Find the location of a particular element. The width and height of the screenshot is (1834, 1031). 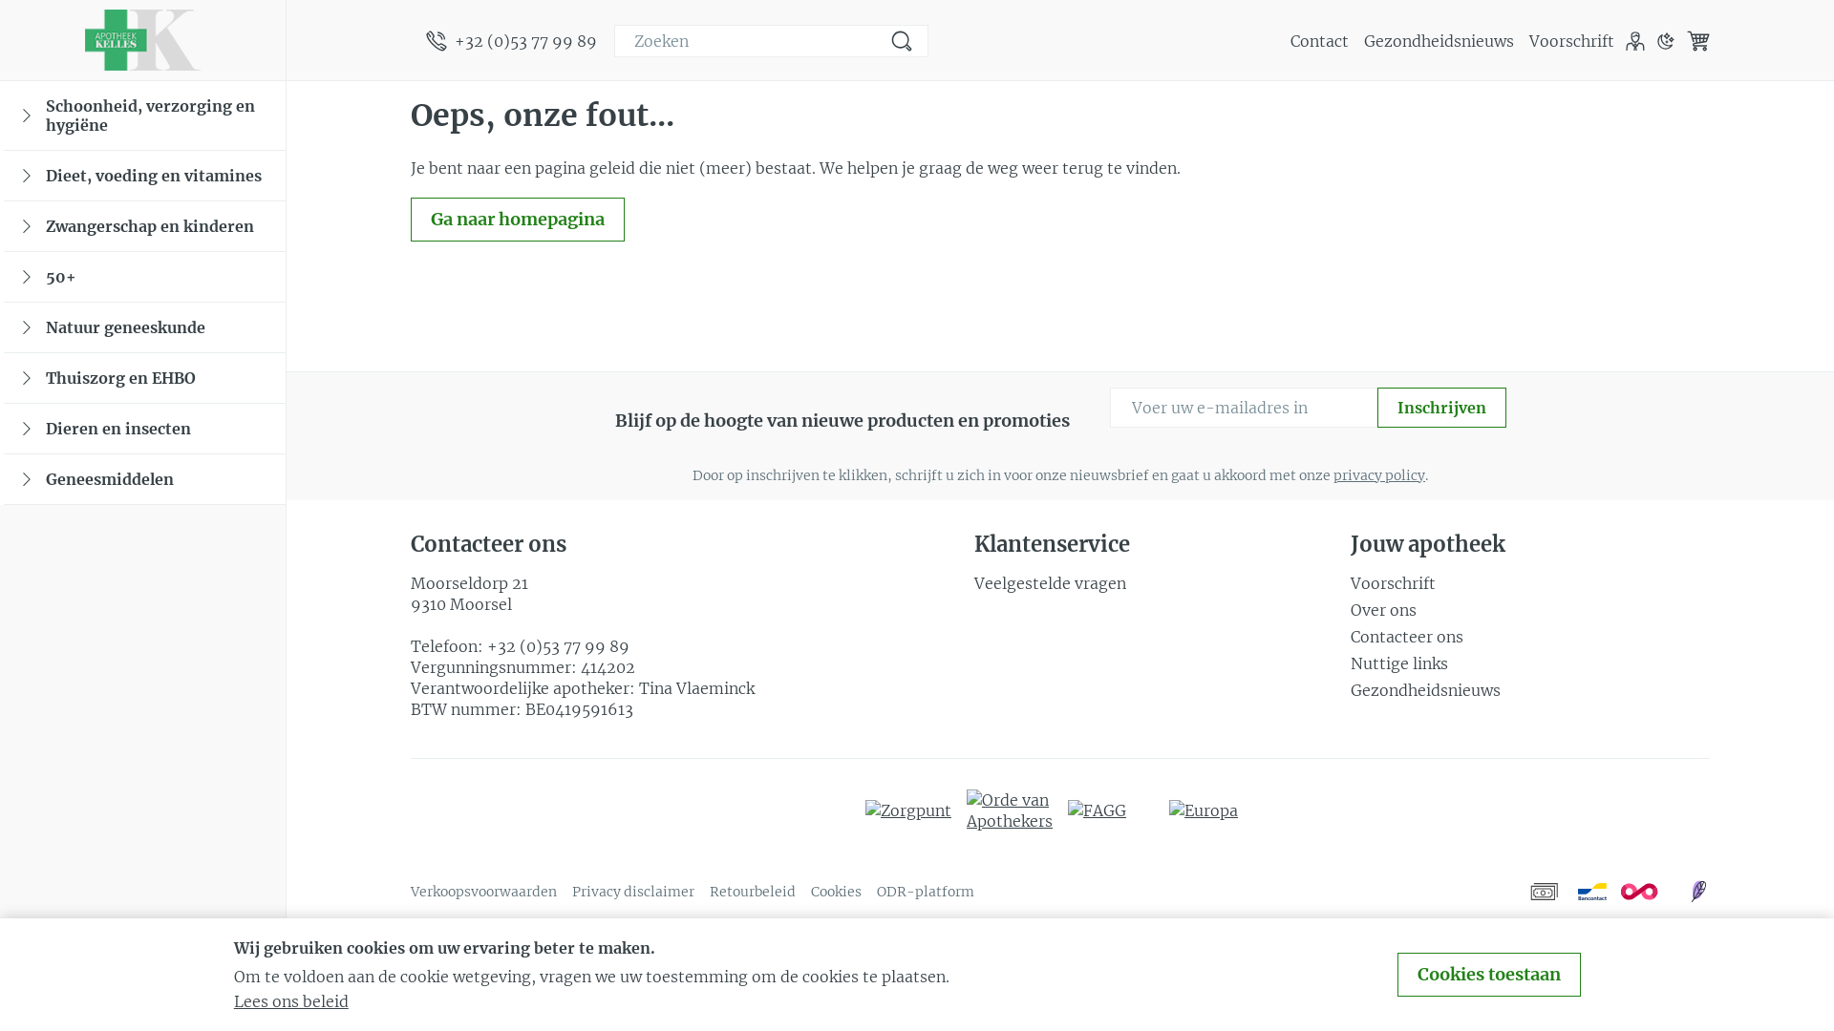

'Contact' is located at coordinates (1318, 40).